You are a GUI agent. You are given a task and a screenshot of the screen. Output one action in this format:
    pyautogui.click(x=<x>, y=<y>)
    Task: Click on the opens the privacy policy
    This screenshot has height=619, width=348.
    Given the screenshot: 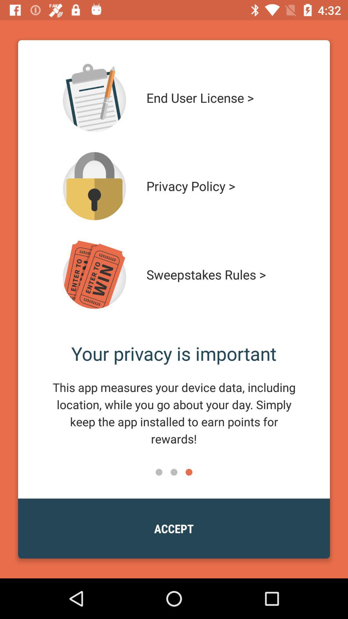 What is the action you would take?
    pyautogui.click(x=94, y=186)
    